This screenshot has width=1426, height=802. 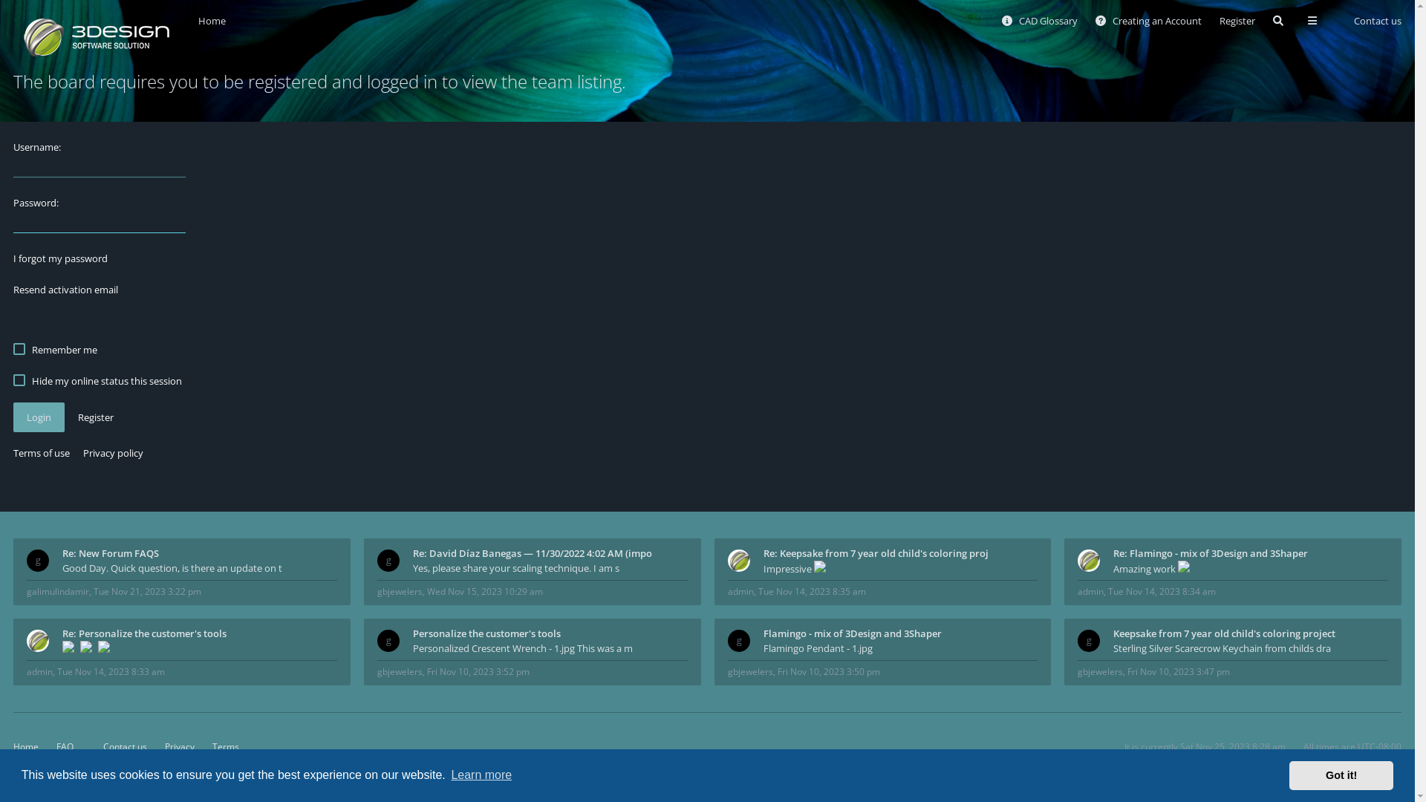 I want to click on 'Impressive', so click(x=763, y=568).